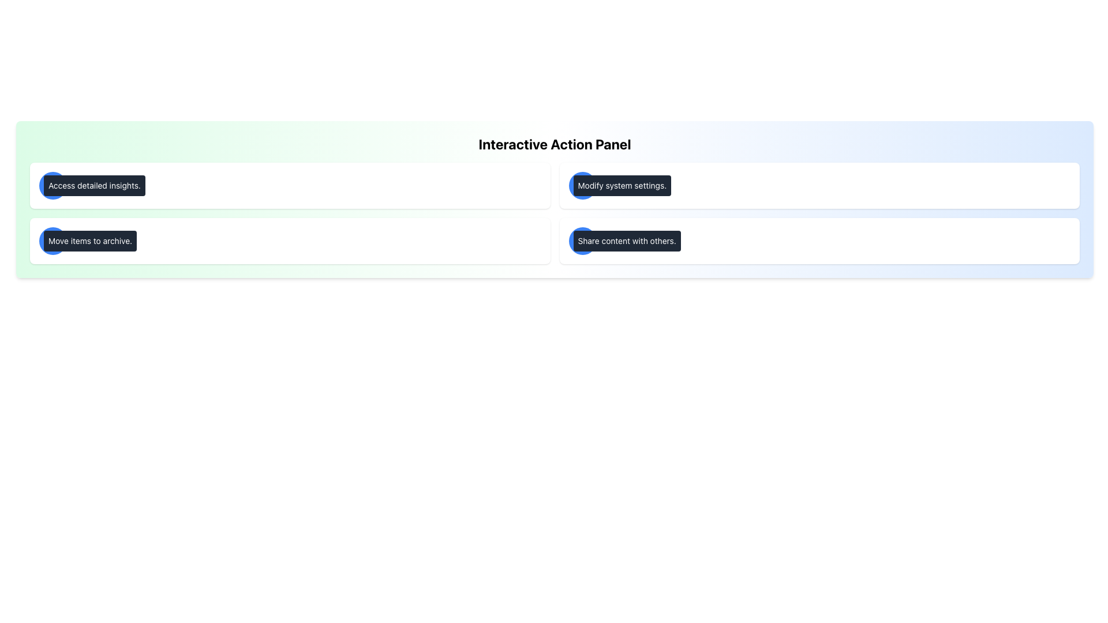 This screenshot has height=623, width=1108. I want to click on the text label indicating the action of archiving, located to the right of the circular blue icon within the second rectangular card in a vertical list, so click(94, 240).